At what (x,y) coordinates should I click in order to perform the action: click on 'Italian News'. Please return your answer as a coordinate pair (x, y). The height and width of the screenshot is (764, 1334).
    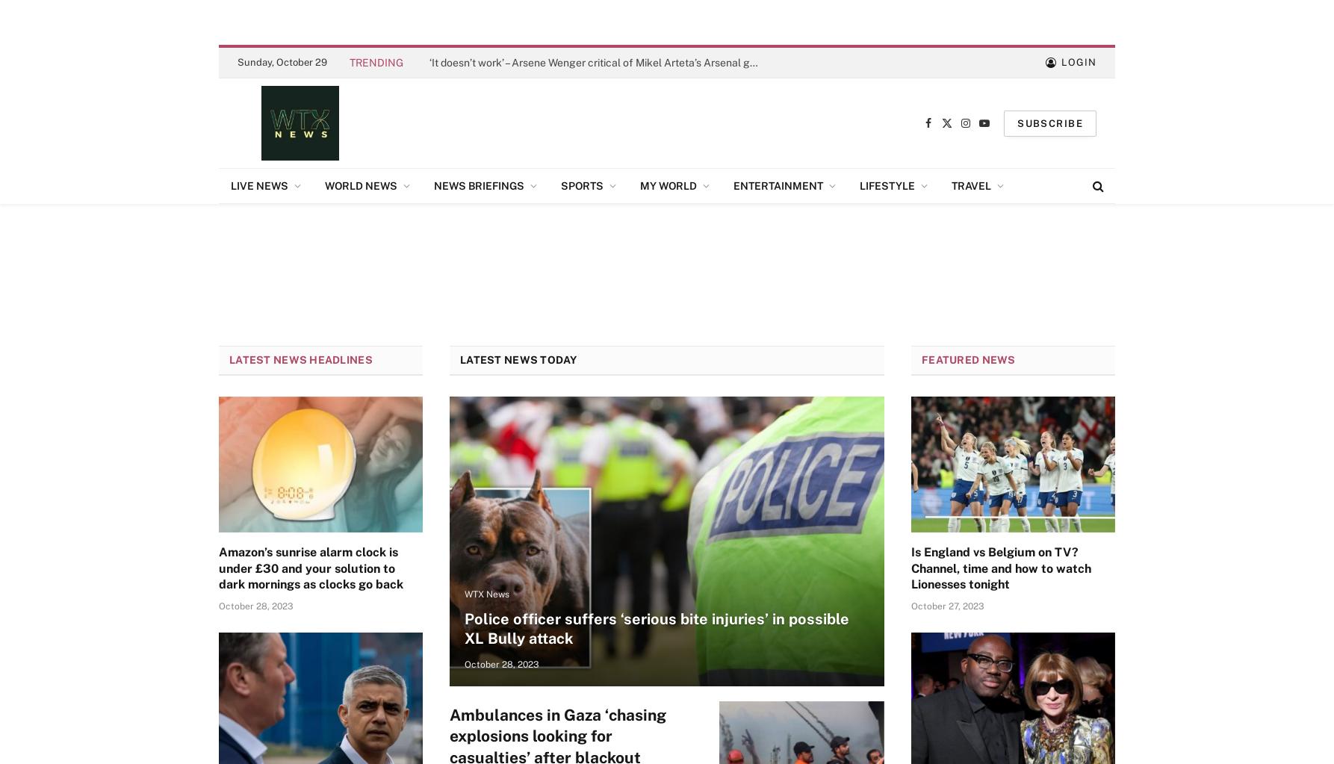
    Looking at the image, I should click on (536, 253).